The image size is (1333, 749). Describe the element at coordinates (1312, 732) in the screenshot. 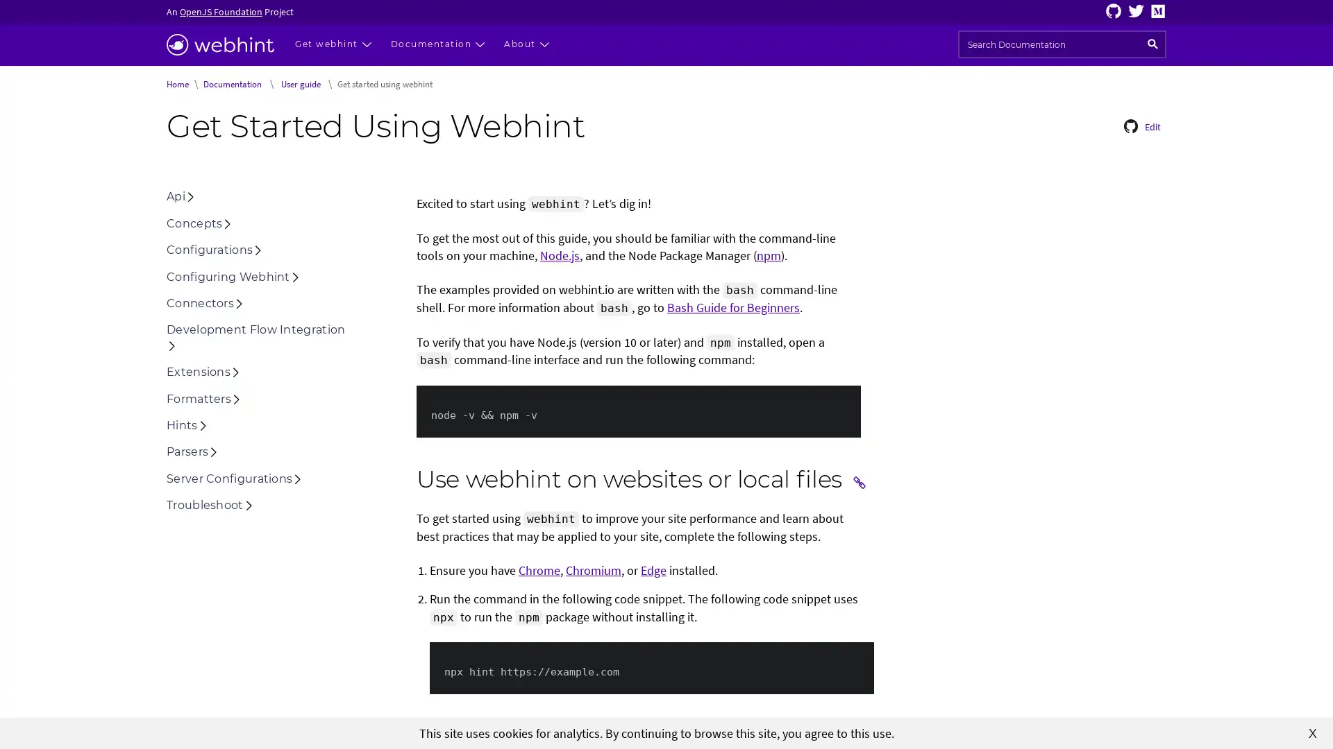

I see `close` at that location.